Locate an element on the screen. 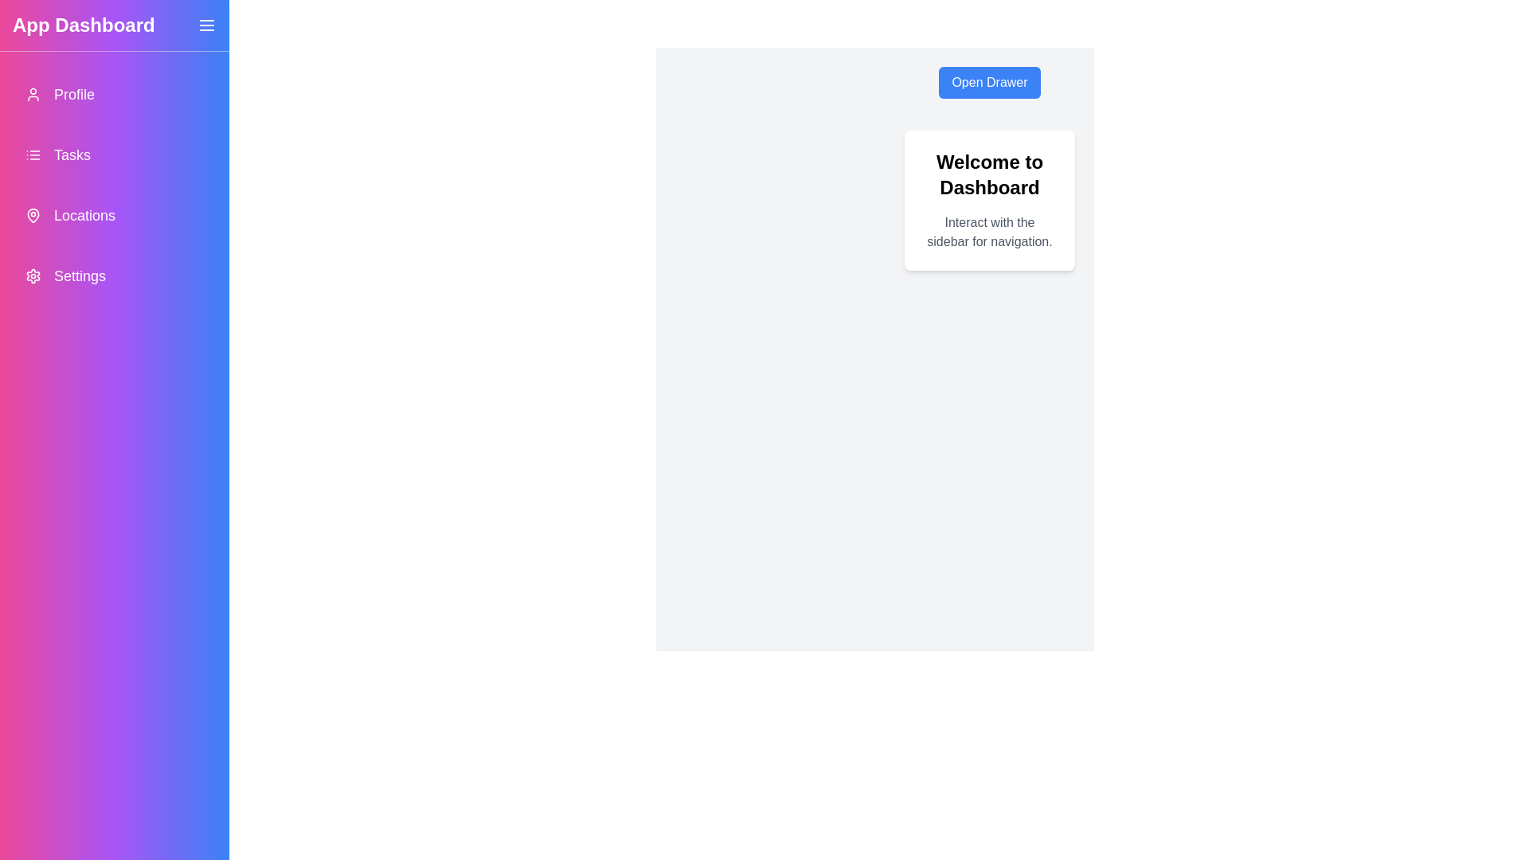 This screenshot has height=860, width=1529. the navigation item labeled 'Tasks' to observe its hover effect is located at coordinates (114, 155).